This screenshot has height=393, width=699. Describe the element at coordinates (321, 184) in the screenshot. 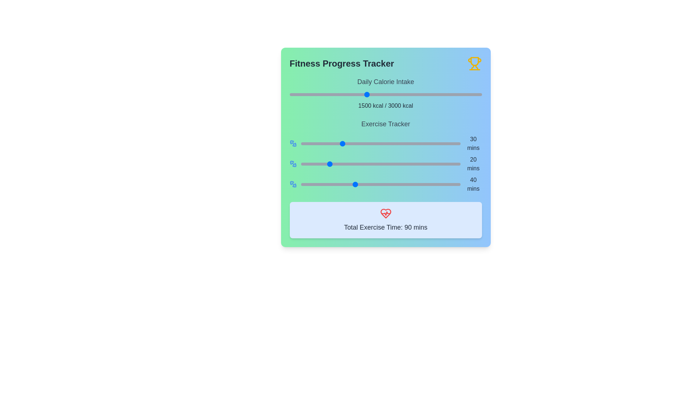

I see `the exercise duration` at that location.